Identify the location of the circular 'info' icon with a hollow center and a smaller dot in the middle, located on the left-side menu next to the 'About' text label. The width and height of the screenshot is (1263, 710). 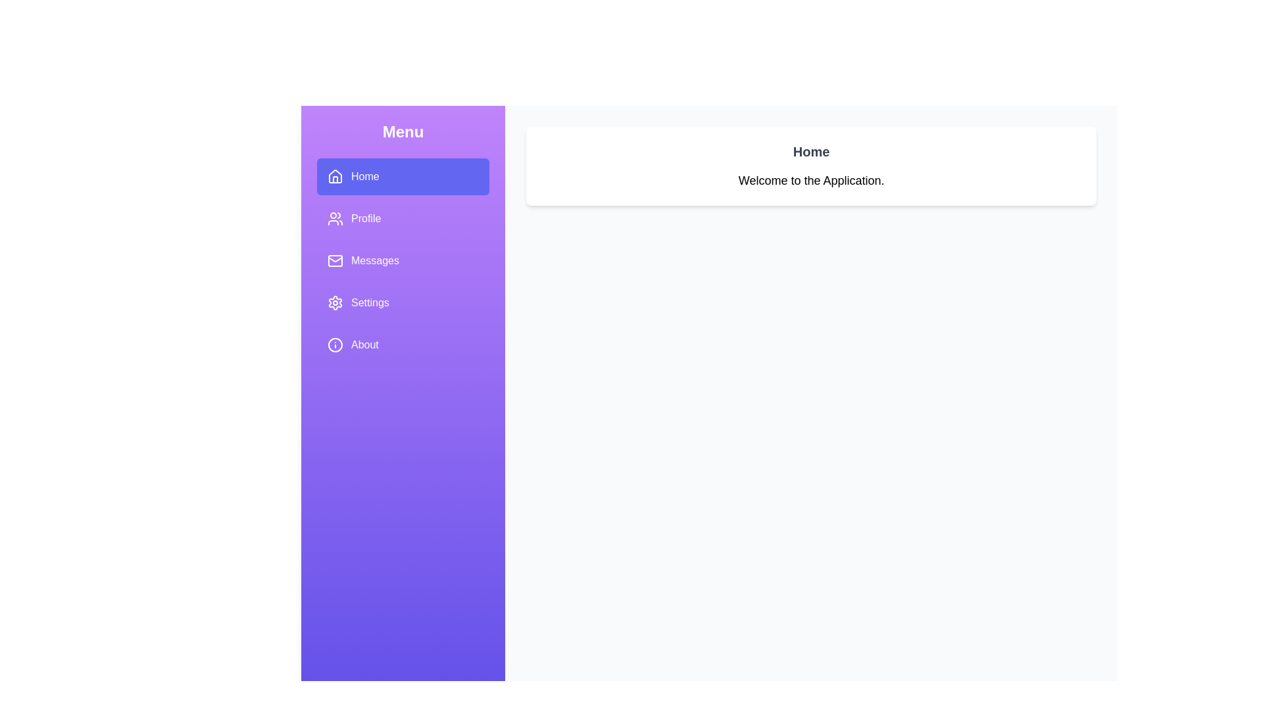
(335, 344).